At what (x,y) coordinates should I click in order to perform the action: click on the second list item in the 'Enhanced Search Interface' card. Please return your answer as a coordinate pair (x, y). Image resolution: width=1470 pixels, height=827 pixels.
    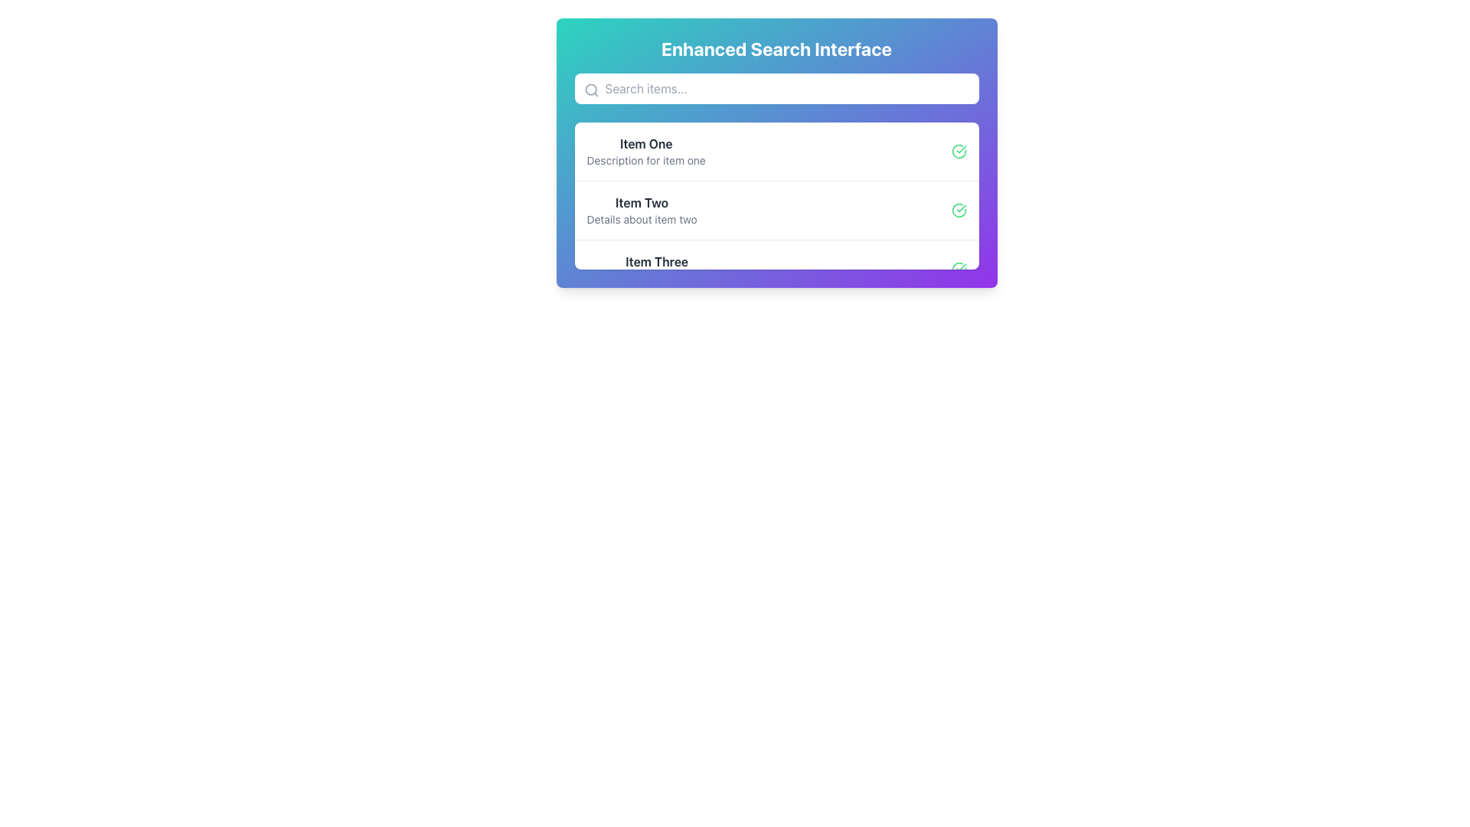
    Looking at the image, I should click on (776, 194).